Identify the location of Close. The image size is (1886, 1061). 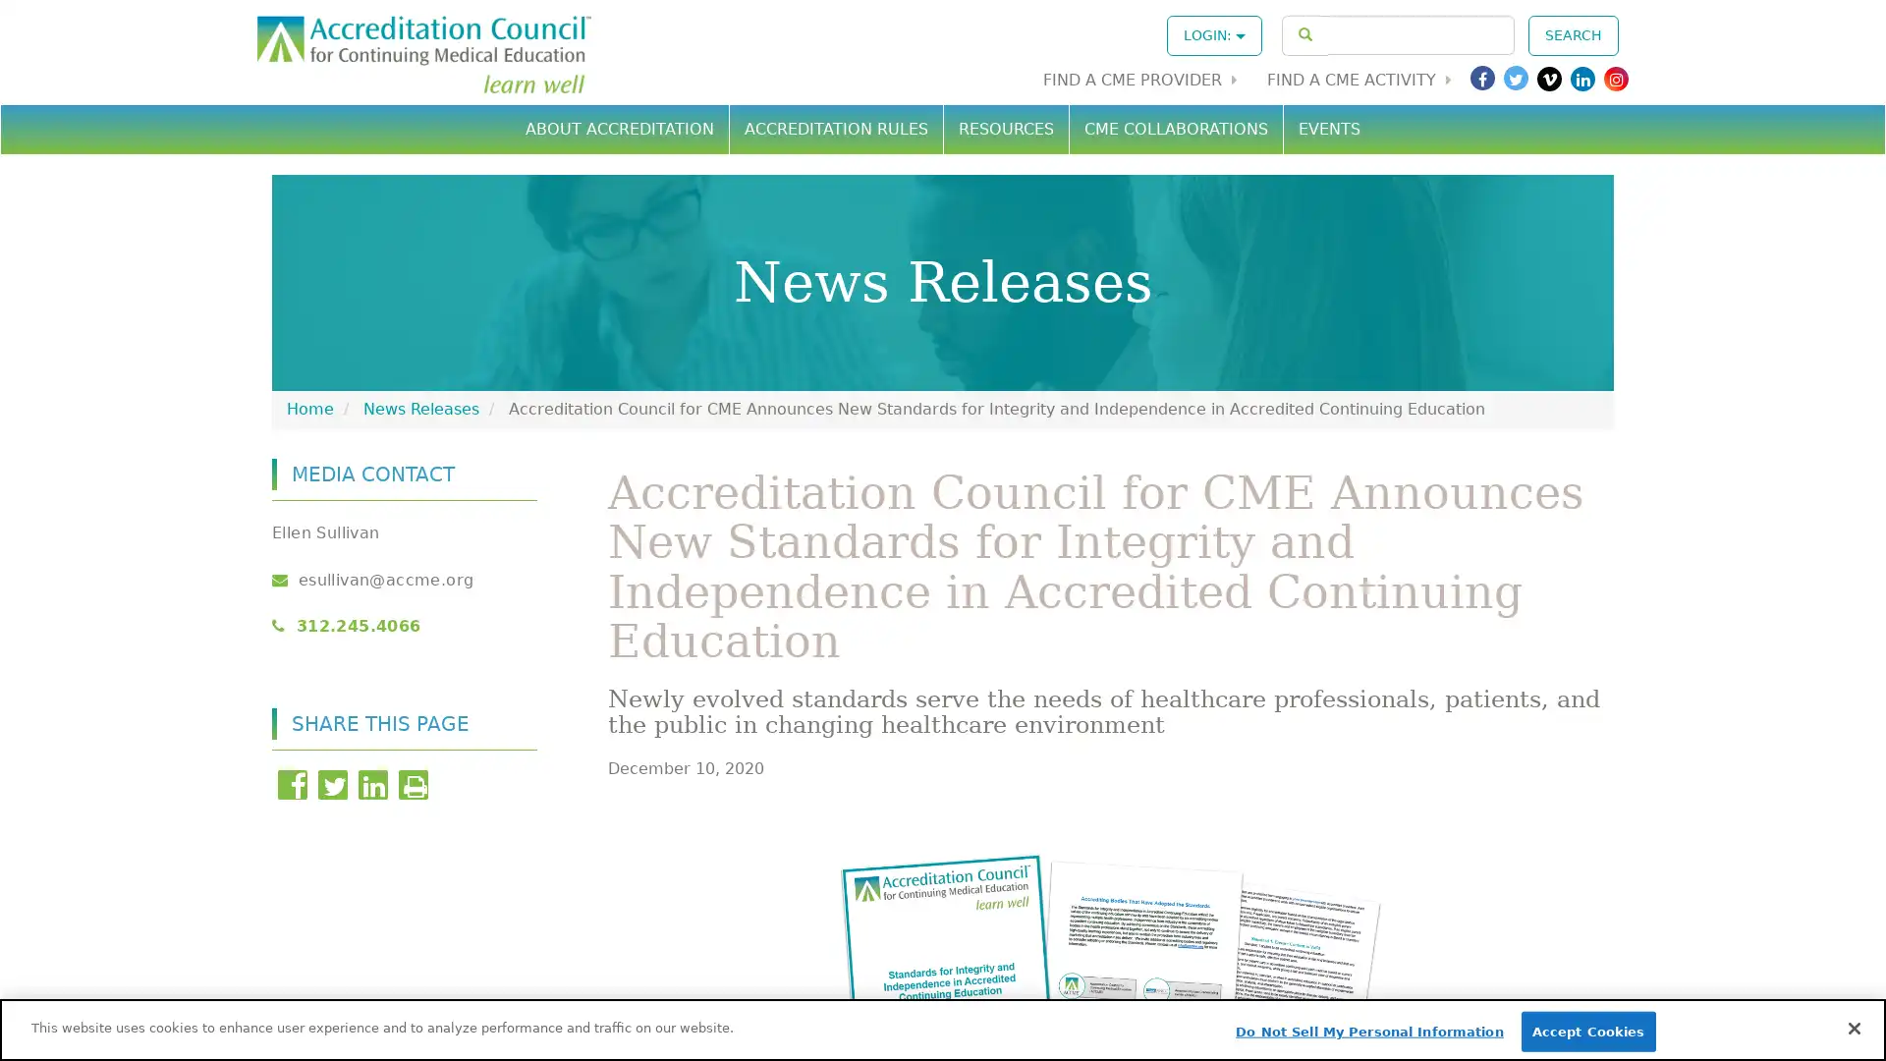
(1853, 1026).